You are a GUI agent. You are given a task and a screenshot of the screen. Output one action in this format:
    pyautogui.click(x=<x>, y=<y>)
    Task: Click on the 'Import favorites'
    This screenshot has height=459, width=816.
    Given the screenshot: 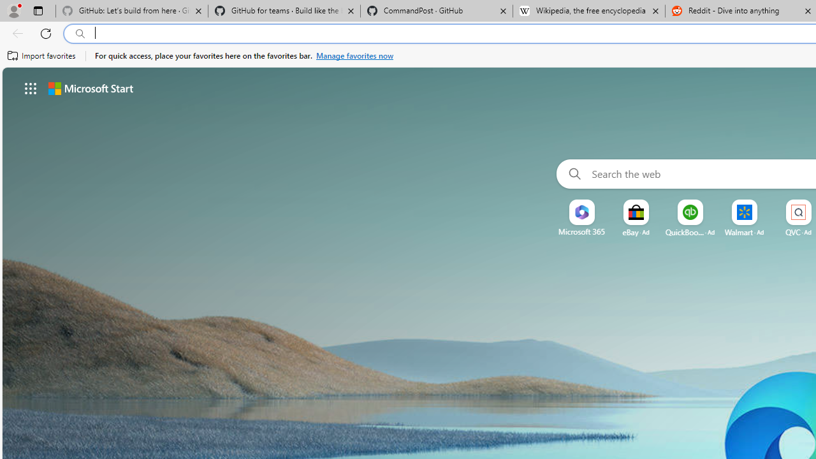 What is the action you would take?
    pyautogui.click(x=41, y=55)
    